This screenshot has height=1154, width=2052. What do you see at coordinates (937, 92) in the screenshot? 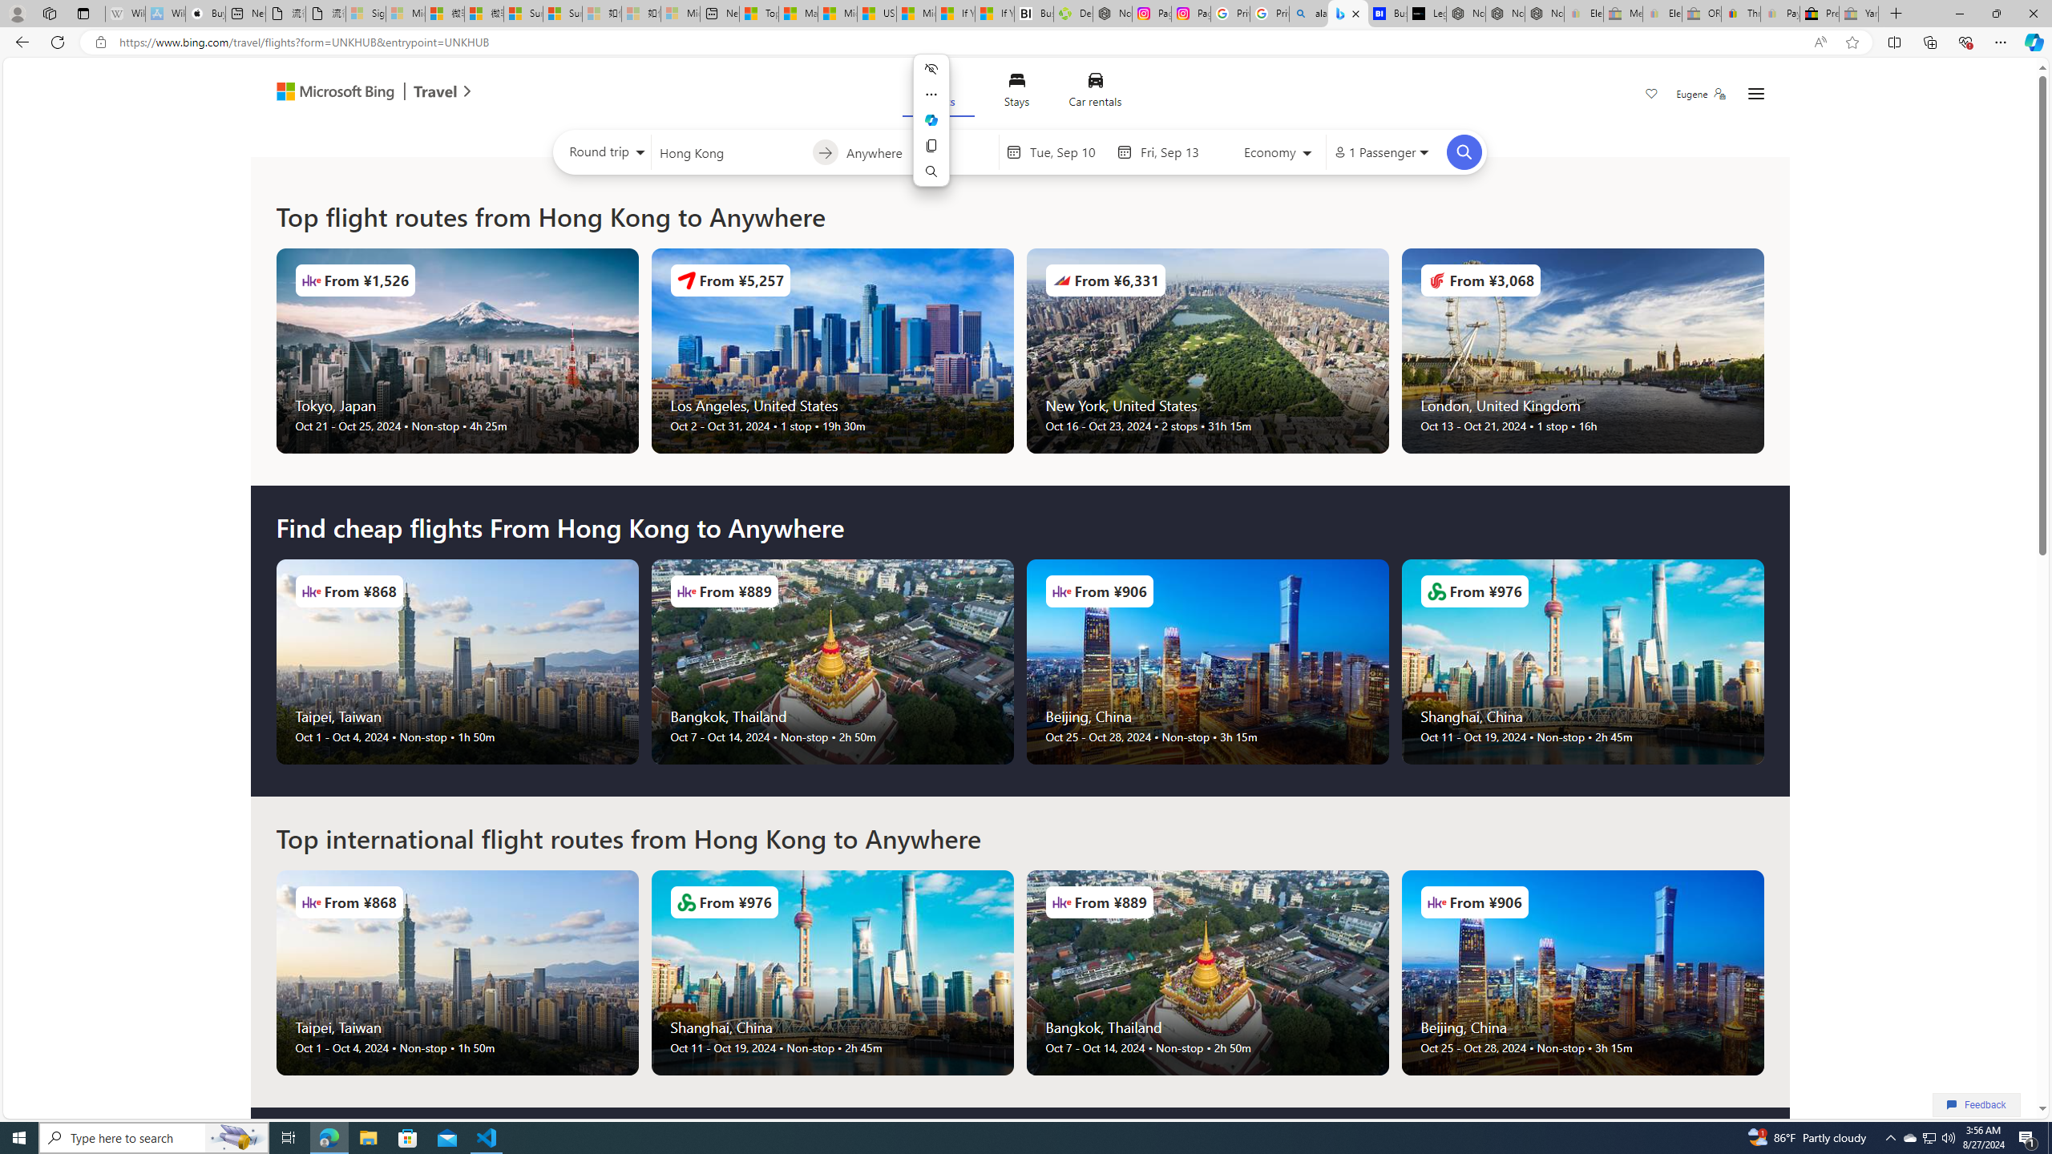
I see `'Flights'` at bounding box center [937, 92].